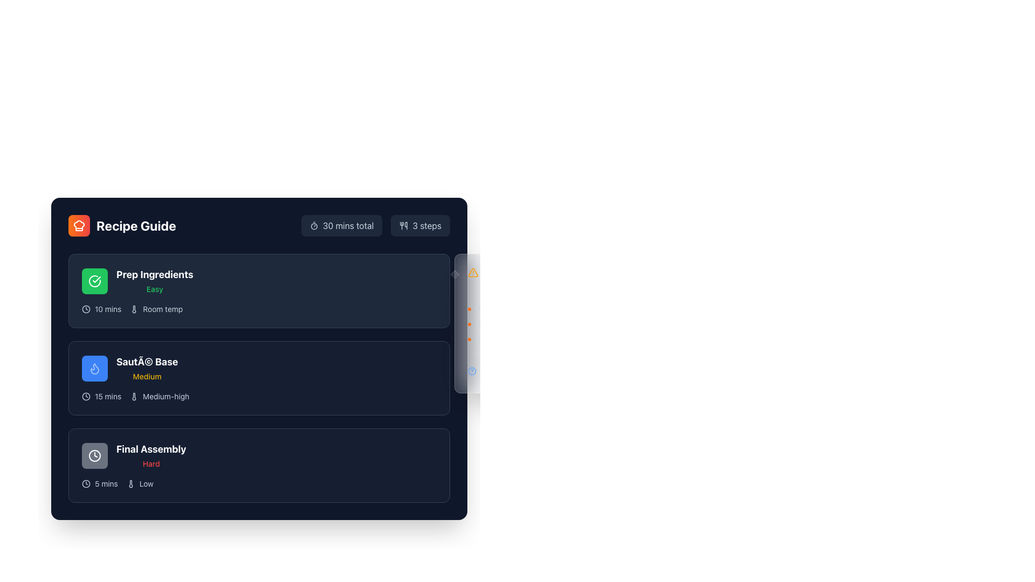  I want to click on the 'Final Assembly' text in the list item, which is the third element in the vertical list and has bold, white text aligned with a gray circular icon, so click(133, 455).